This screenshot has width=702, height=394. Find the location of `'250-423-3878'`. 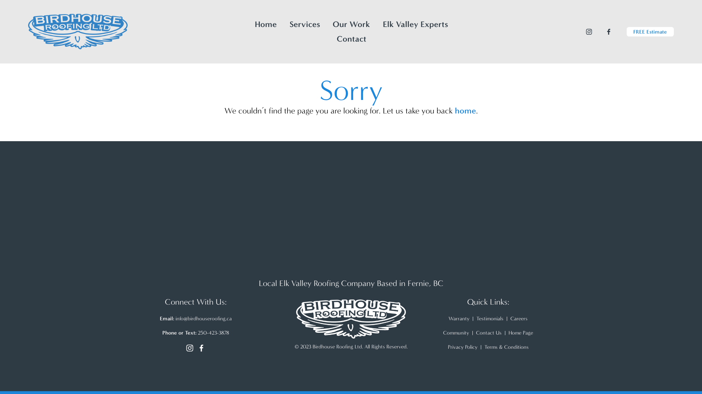

'250-423-3878' is located at coordinates (212, 333).